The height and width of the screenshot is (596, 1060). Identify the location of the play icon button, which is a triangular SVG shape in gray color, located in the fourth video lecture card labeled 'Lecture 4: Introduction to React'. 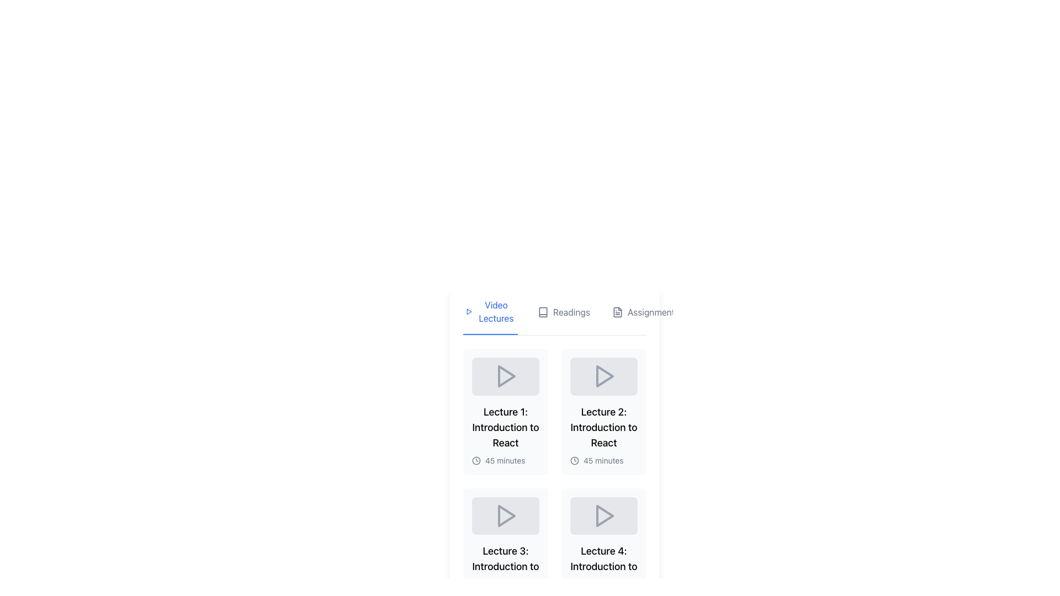
(603, 515).